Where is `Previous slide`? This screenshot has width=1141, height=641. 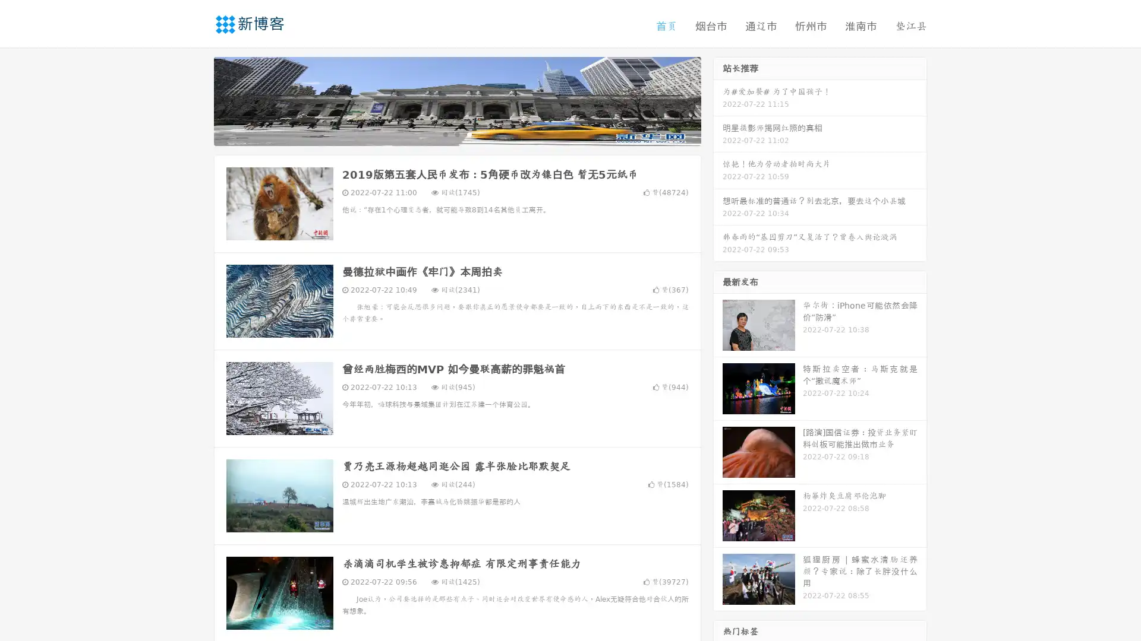
Previous slide is located at coordinates (196, 100).